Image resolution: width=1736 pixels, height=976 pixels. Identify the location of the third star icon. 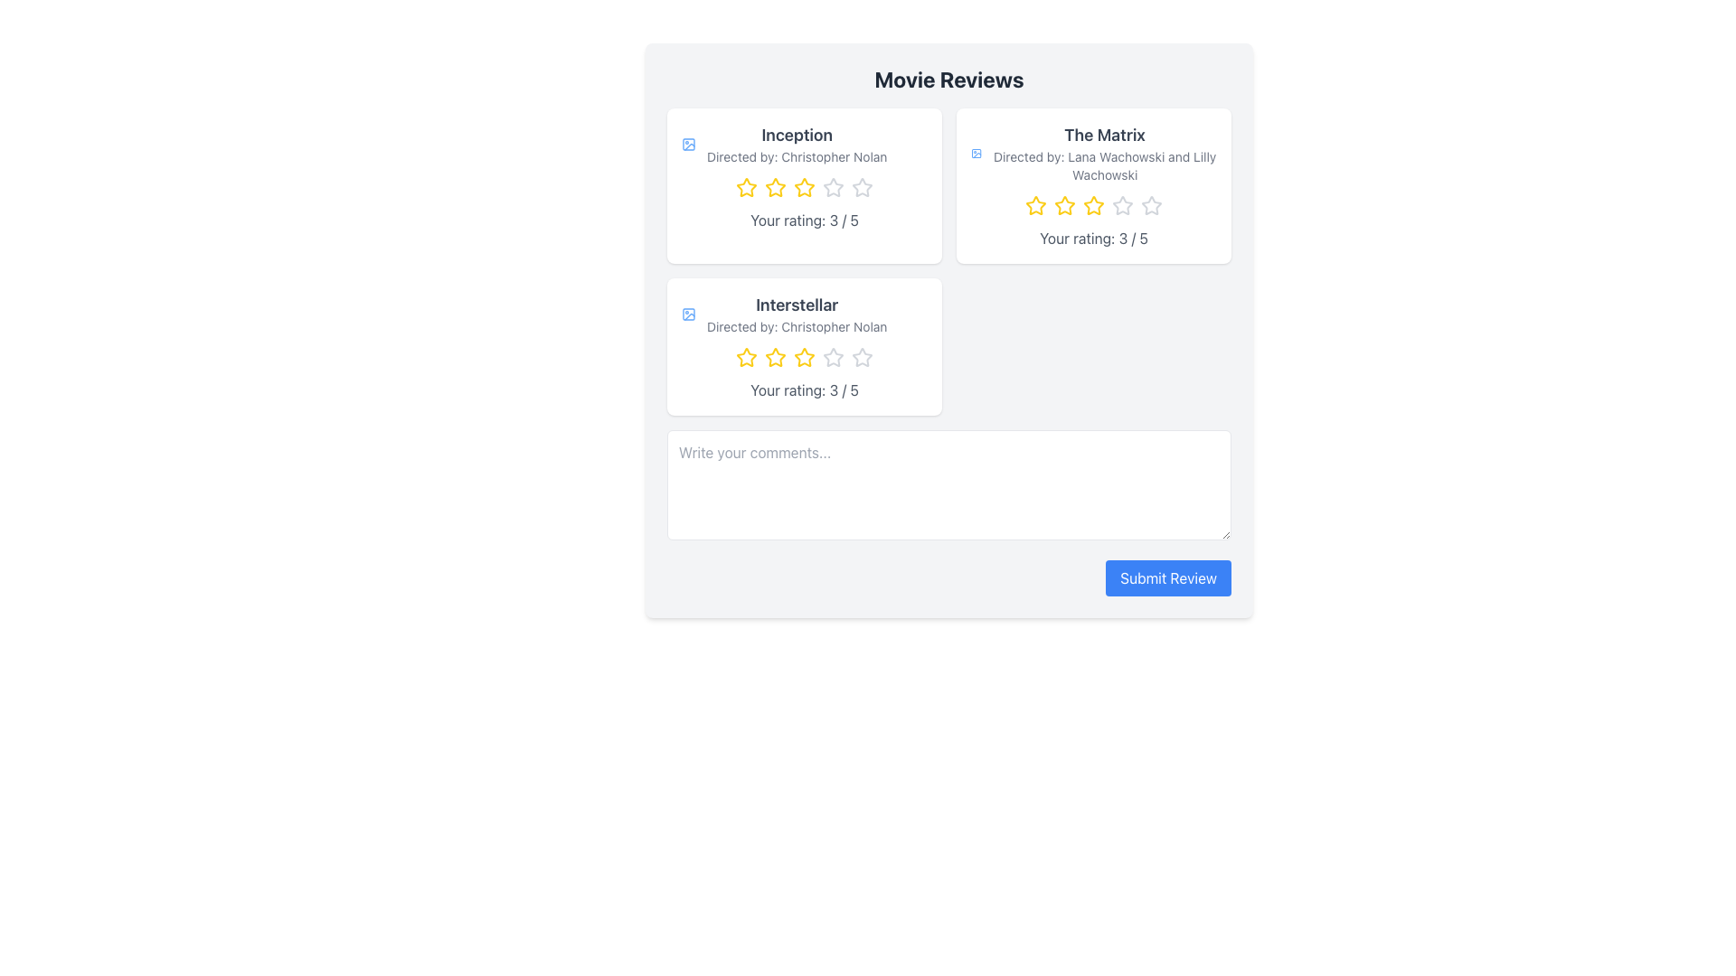
(832, 357).